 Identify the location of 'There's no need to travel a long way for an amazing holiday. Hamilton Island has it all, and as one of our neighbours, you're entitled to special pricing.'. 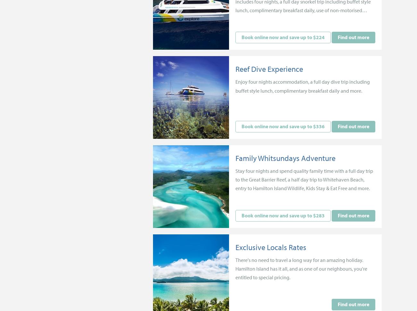
(301, 268).